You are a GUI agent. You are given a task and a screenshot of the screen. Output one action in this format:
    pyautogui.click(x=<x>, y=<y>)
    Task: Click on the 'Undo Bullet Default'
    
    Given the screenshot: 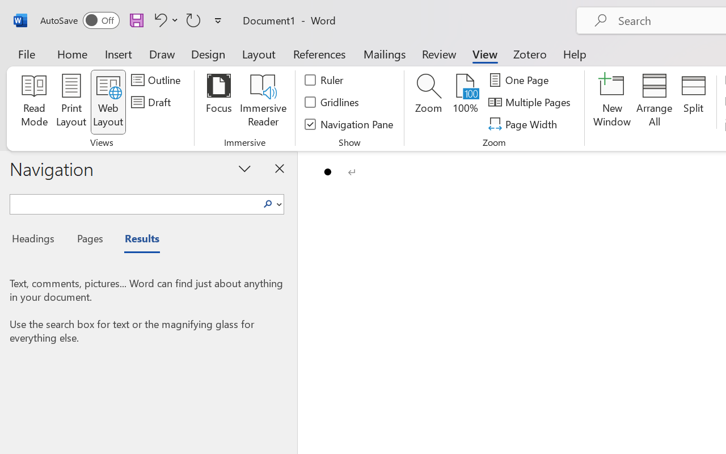 What is the action you would take?
    pyautogui.click(x=158, y=19)
    